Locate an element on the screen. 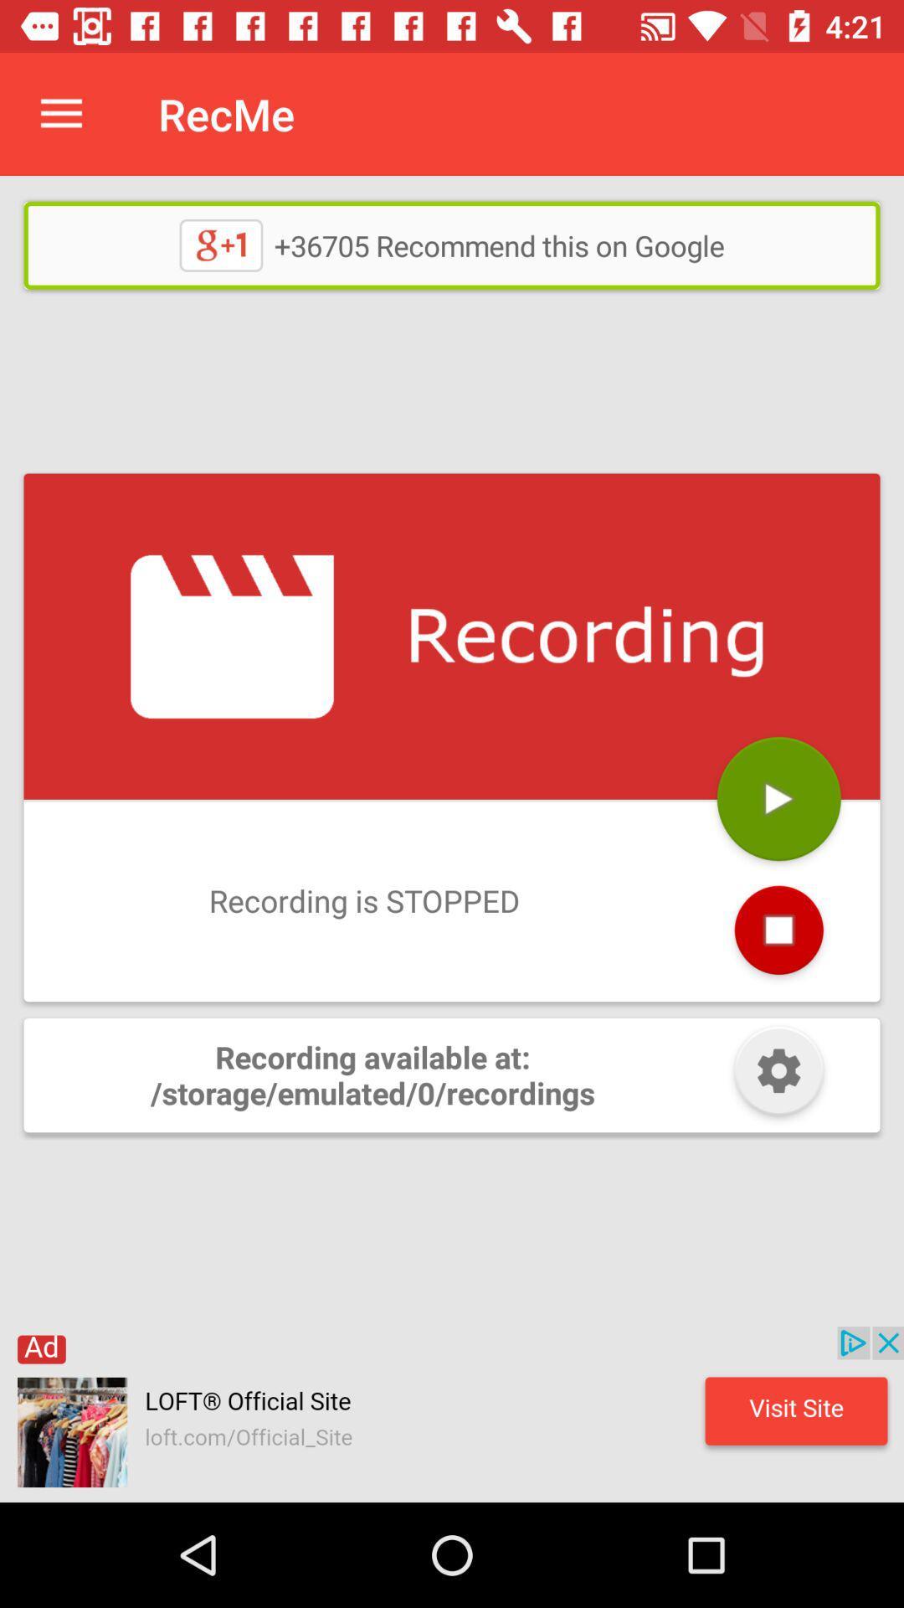 The width and height of the screenshot is (904, 1608). advertisement banner is located at coordinates (452, 1414).